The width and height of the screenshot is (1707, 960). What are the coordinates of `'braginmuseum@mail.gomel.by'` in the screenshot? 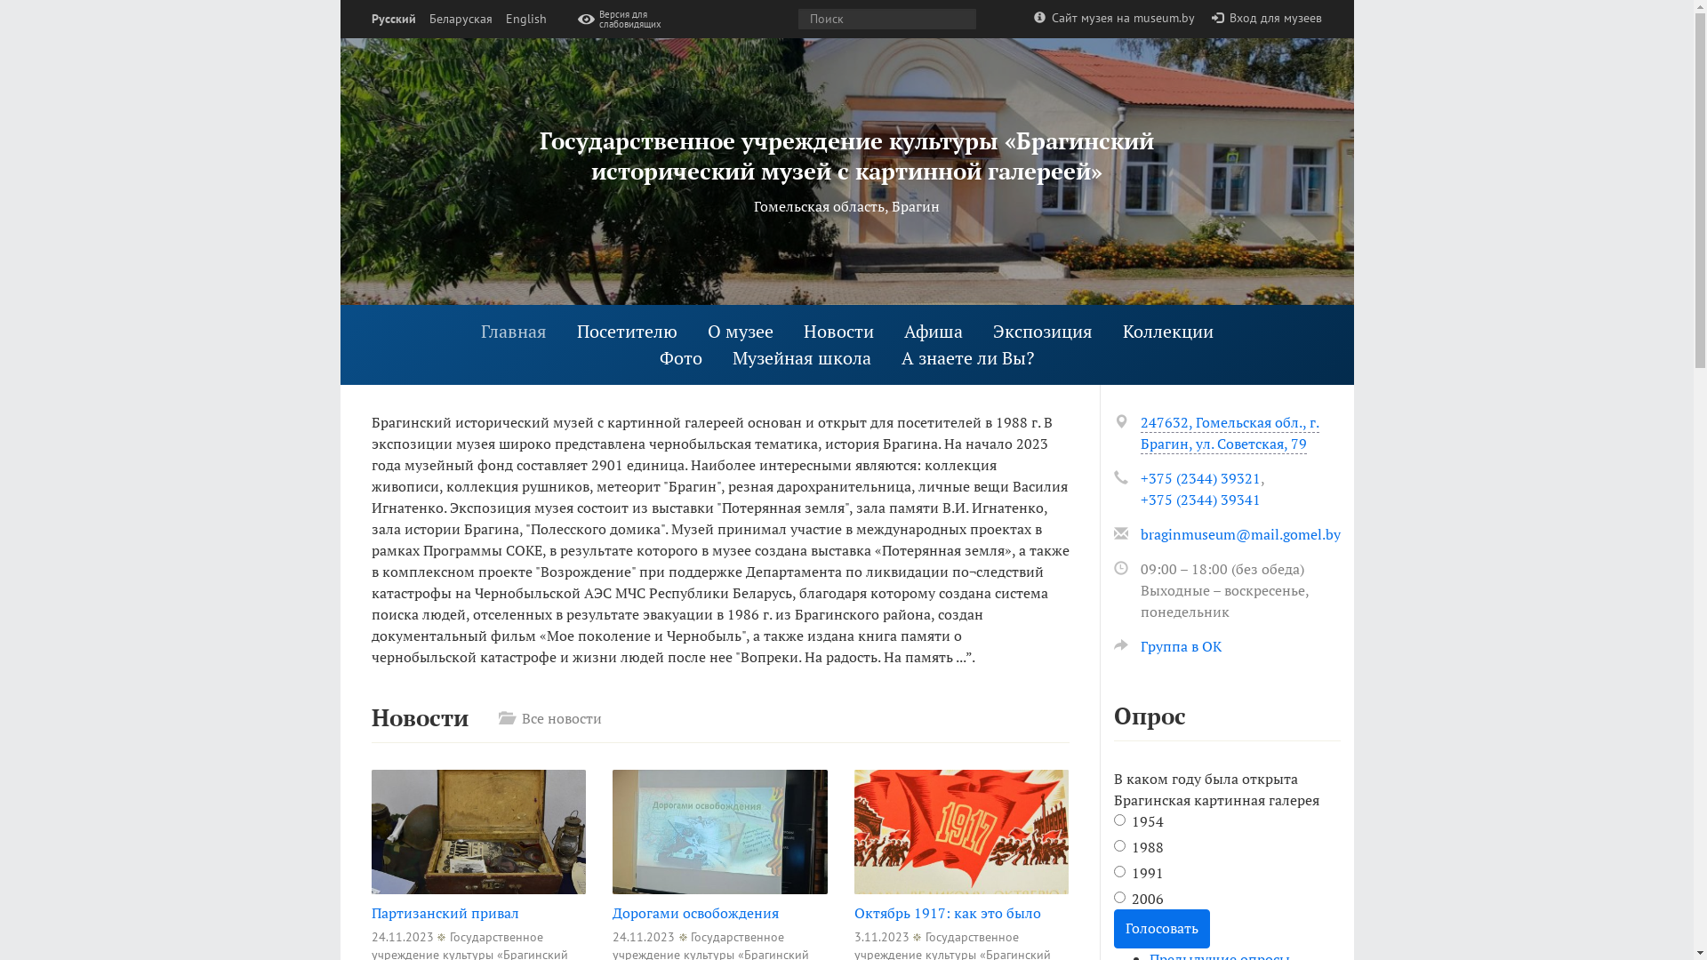 It's located at (1238, 533).